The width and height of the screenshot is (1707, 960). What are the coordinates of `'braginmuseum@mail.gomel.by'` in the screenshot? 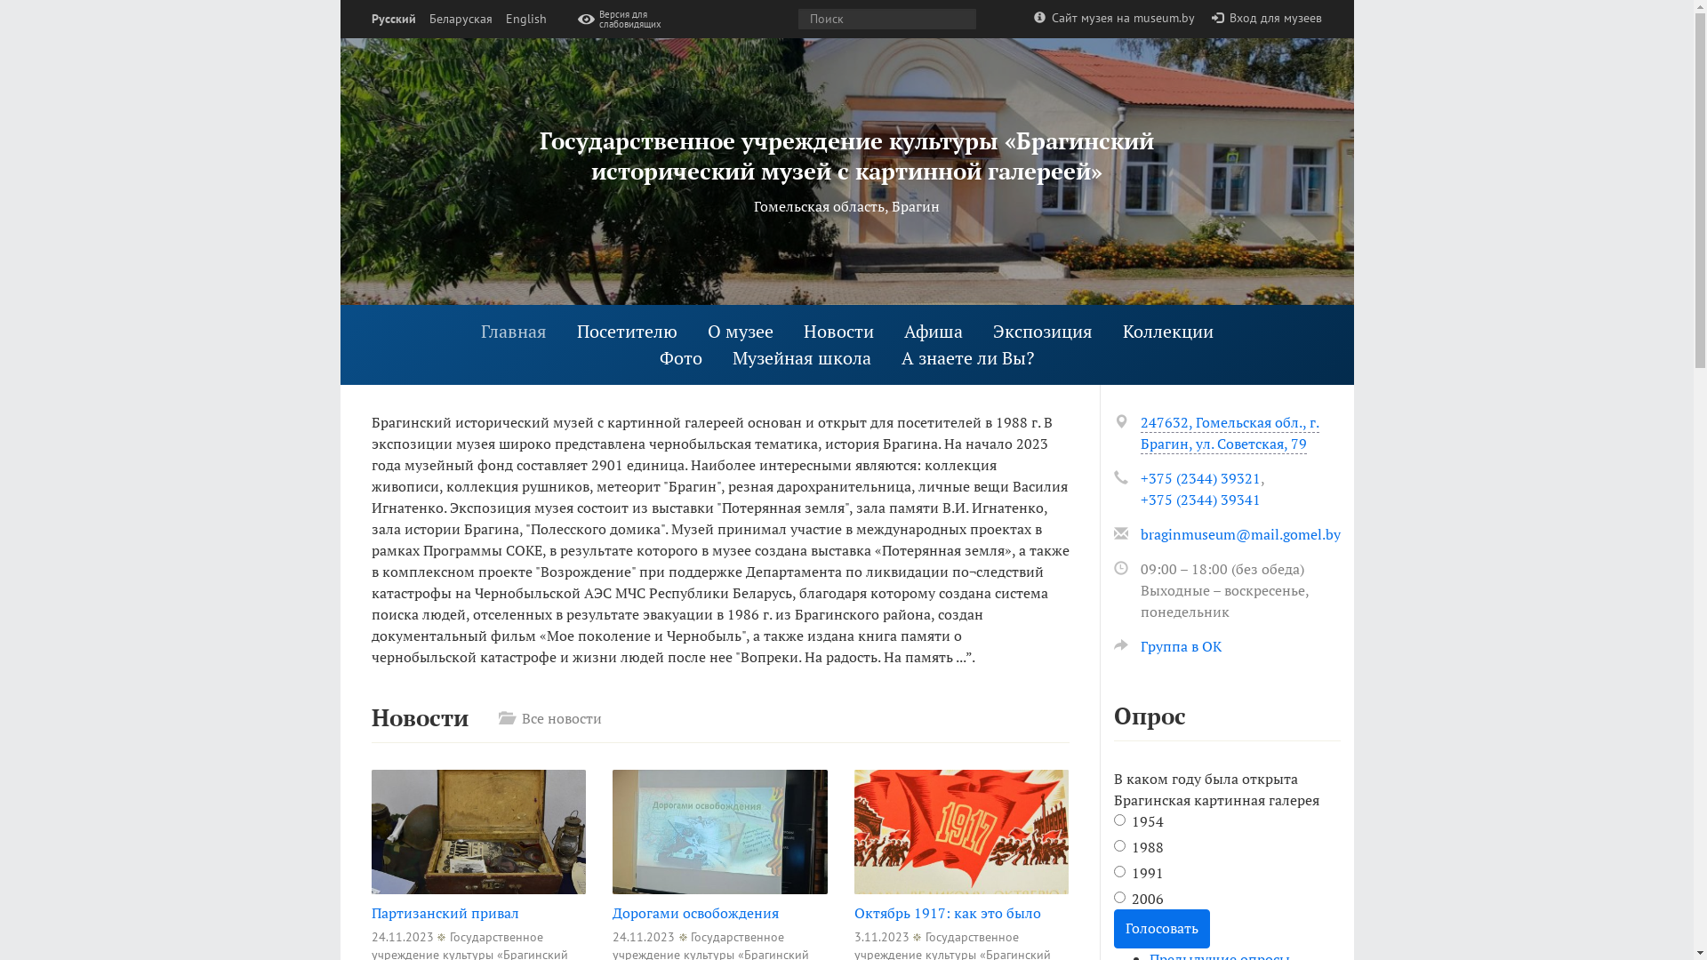 It's located at (1238, 533).